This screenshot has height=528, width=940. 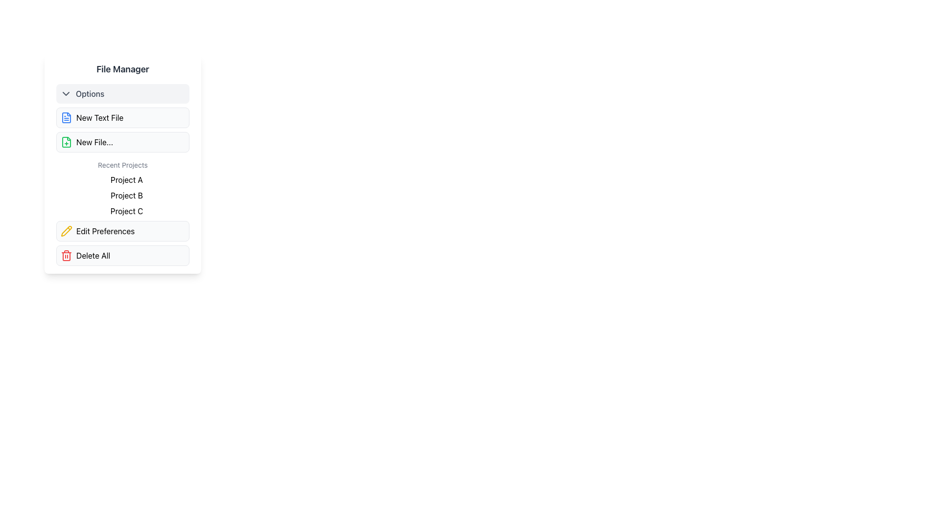 I want to click on the 'Delete All' button with a light gray background and a red trashcan icon, so click(x=122, y=255).